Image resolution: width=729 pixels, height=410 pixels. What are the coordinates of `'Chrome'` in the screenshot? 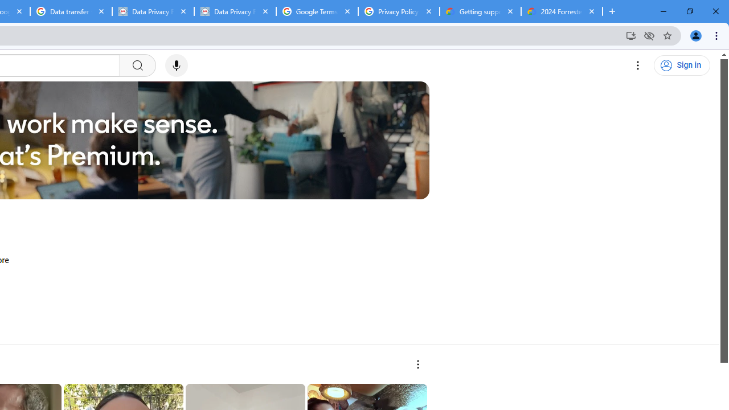 It's located at (717, 35).